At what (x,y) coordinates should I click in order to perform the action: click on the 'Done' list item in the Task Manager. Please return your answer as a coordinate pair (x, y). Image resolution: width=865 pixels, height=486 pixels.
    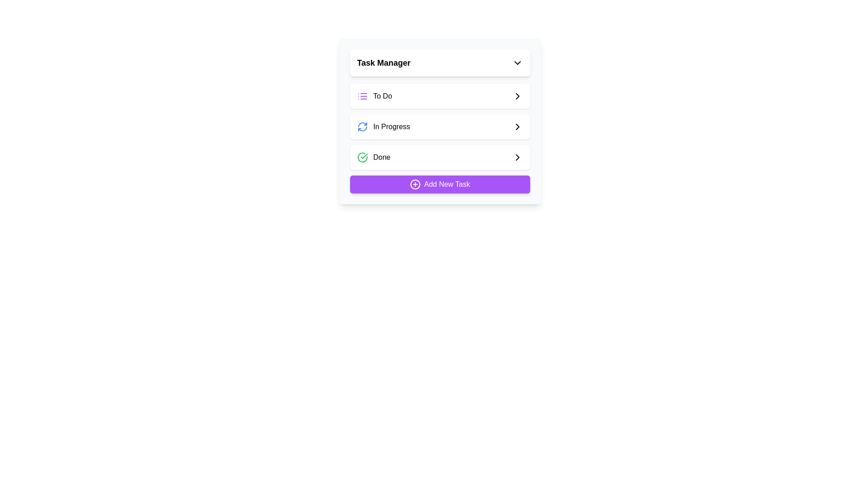
    Looking at the image, I should click on (440, 157).